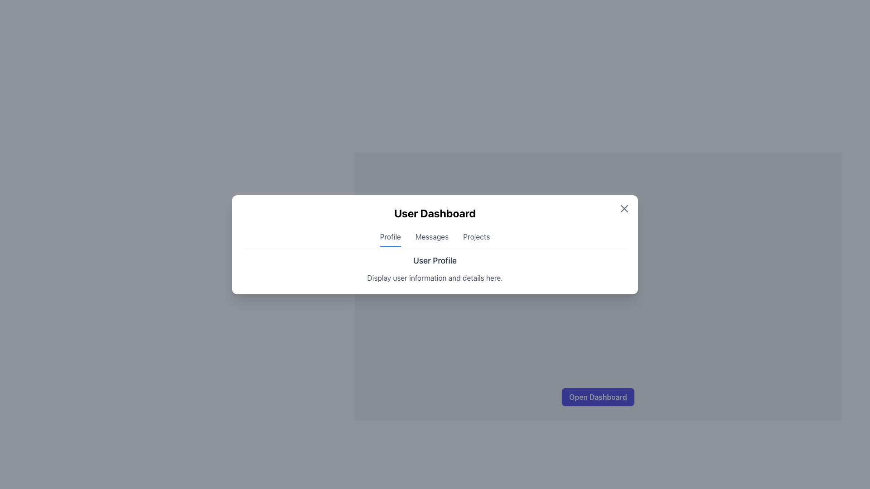  Describe the element at coordinates (598, 396) in the screenshot. I see `the rectangular button labeled 'Open Dashboard' with a deep indigo background` at that location.